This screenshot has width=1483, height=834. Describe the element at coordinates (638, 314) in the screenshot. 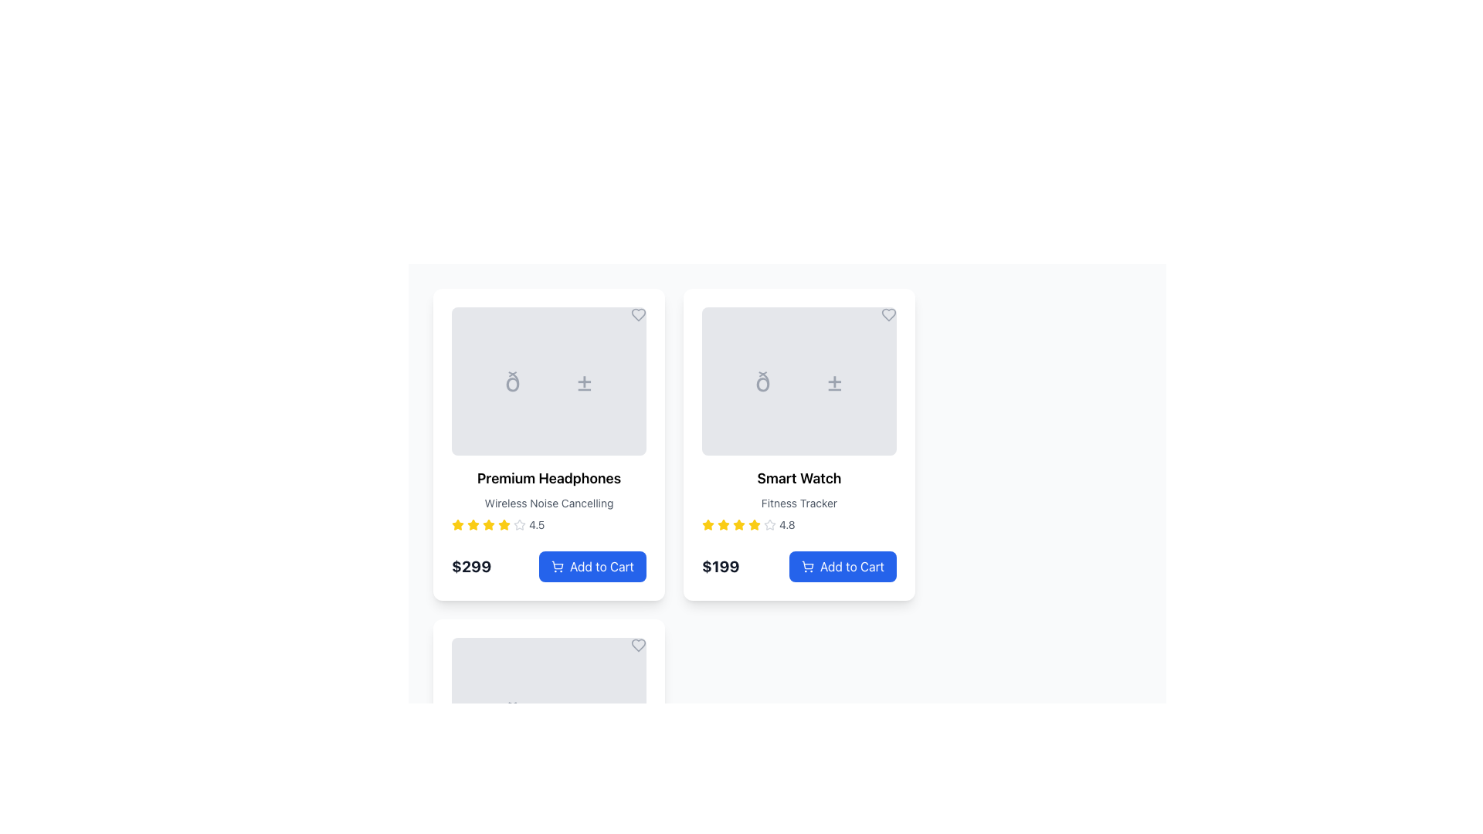

I see `the heart-shaped icon in the top-right corner of the 'Premium Headphones' card to trigger a visual change` at that location.